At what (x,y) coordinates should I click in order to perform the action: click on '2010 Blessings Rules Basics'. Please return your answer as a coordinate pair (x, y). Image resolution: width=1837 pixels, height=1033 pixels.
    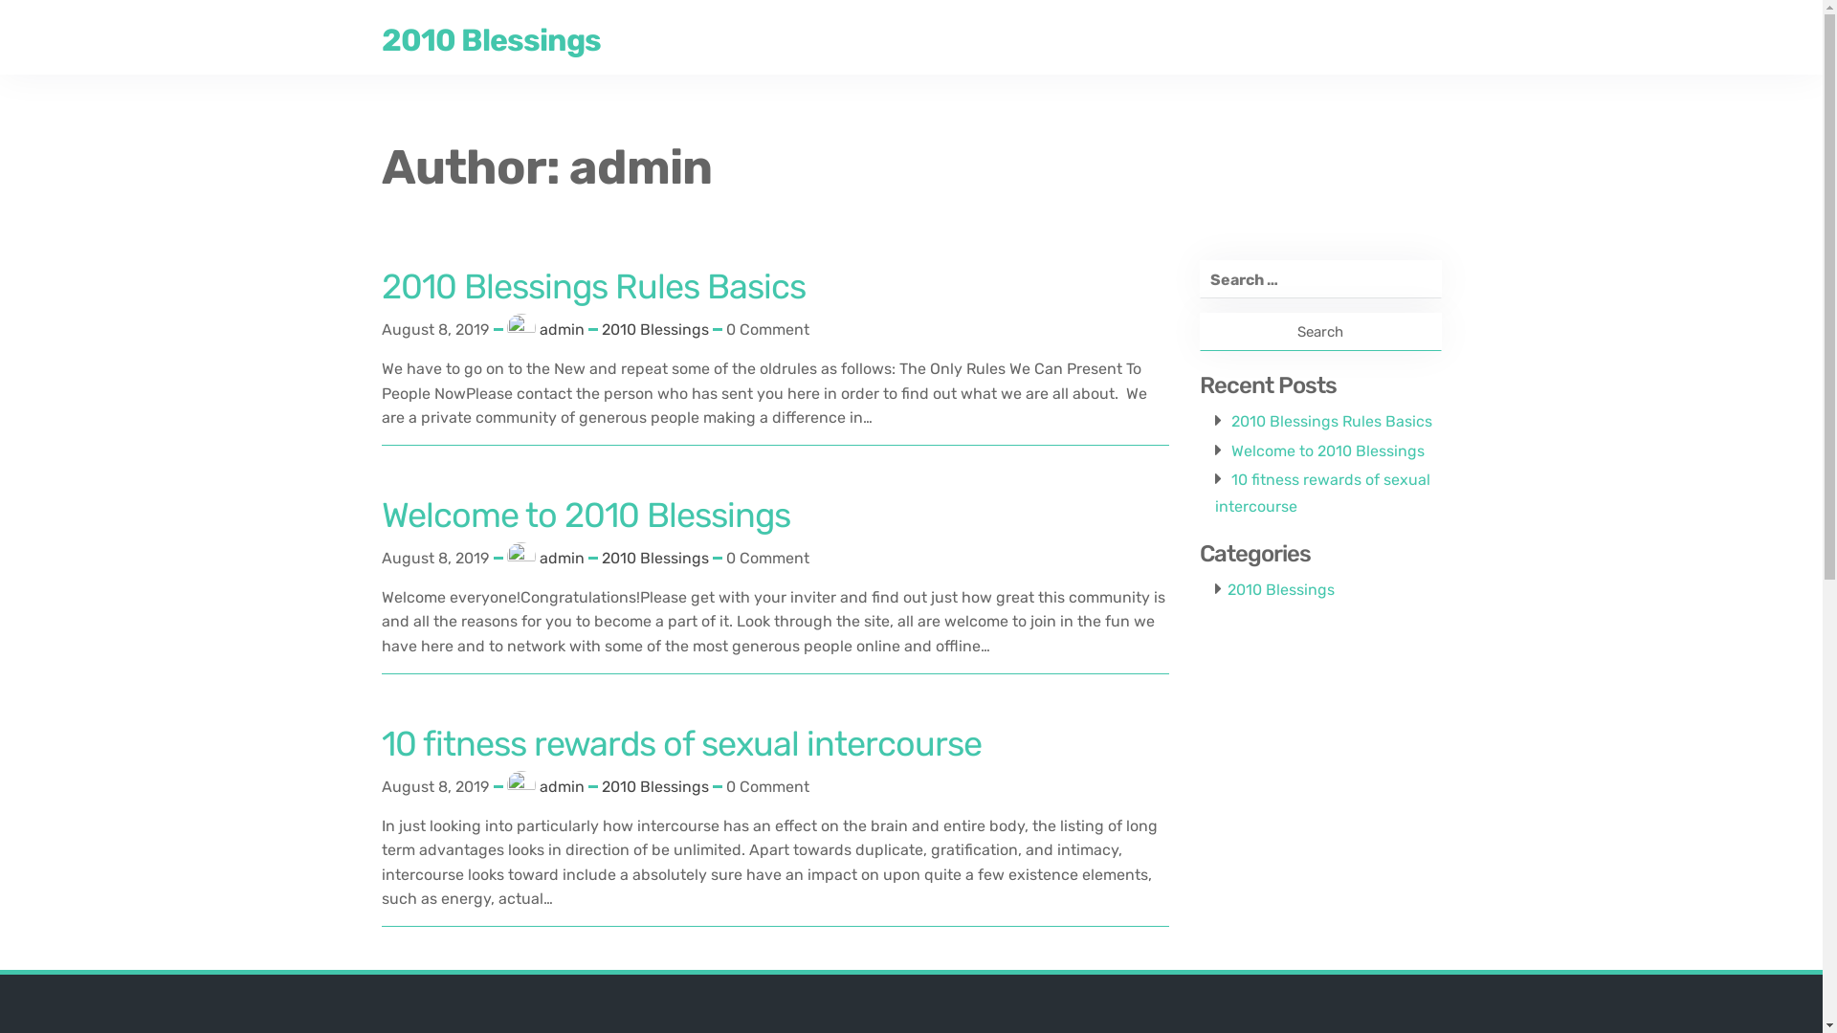
    Looking at the image, I should click on (1330, 420).